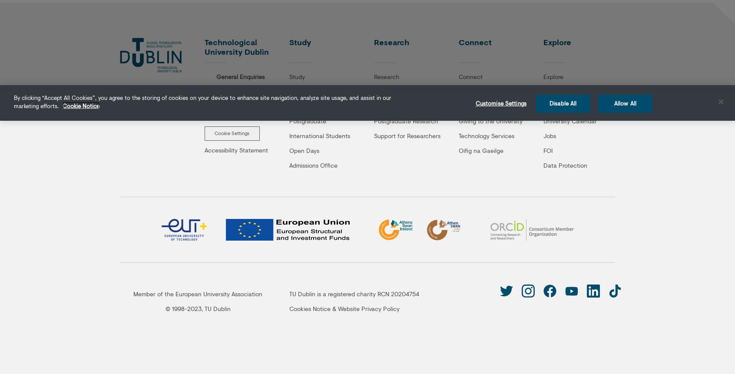 This screenshot has width=735, height=374. I want to click on 'General Enquiries', so click(240, 76).